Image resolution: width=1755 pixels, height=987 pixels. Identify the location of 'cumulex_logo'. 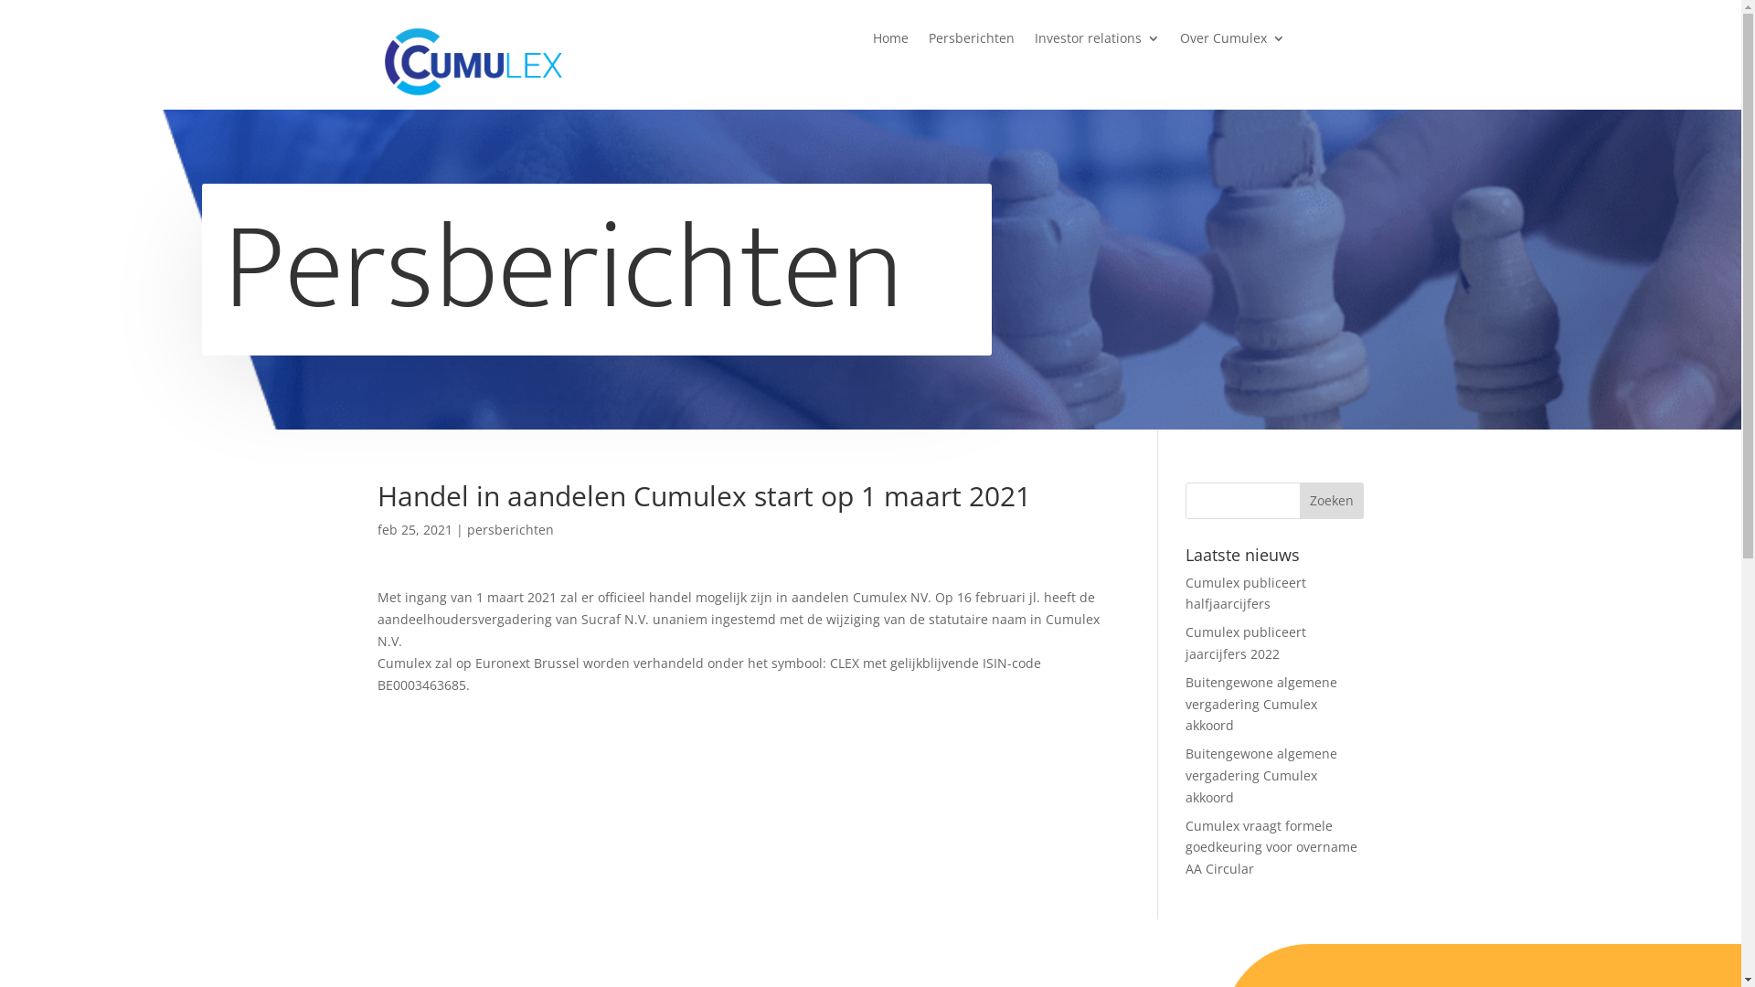
(472, 59).